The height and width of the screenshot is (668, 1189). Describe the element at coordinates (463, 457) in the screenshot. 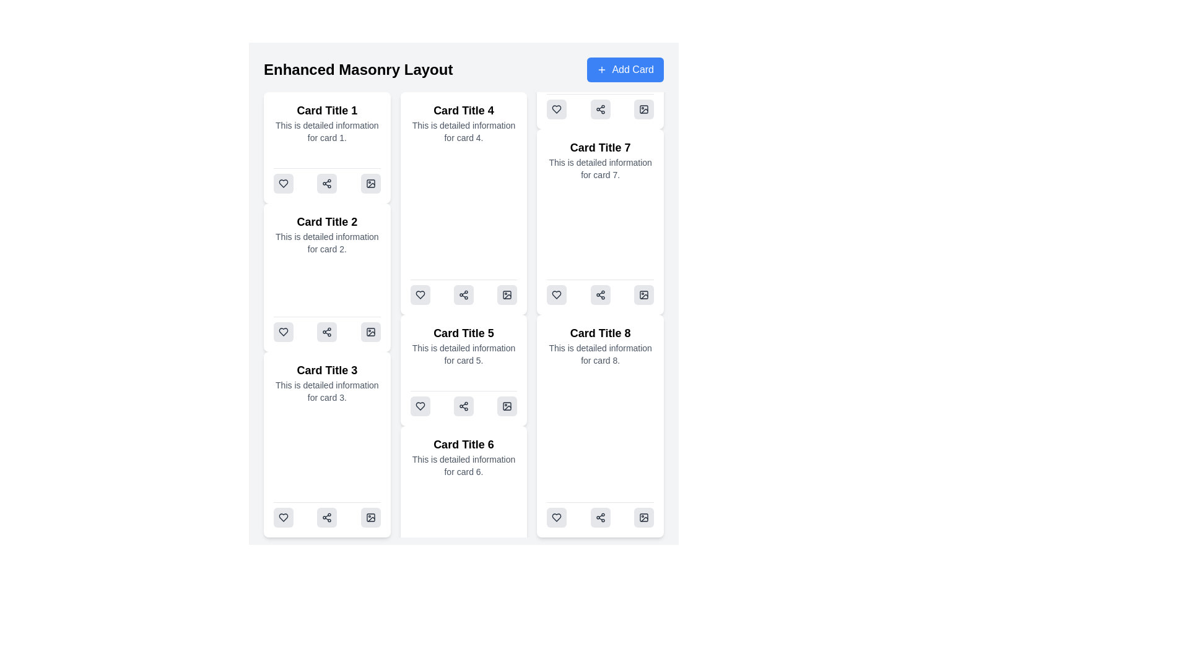

I see `text content of the Text Display Component that provides the title 'Card Title 6' and its short description, located in the main content area under 'Card Title 5'` at that location.